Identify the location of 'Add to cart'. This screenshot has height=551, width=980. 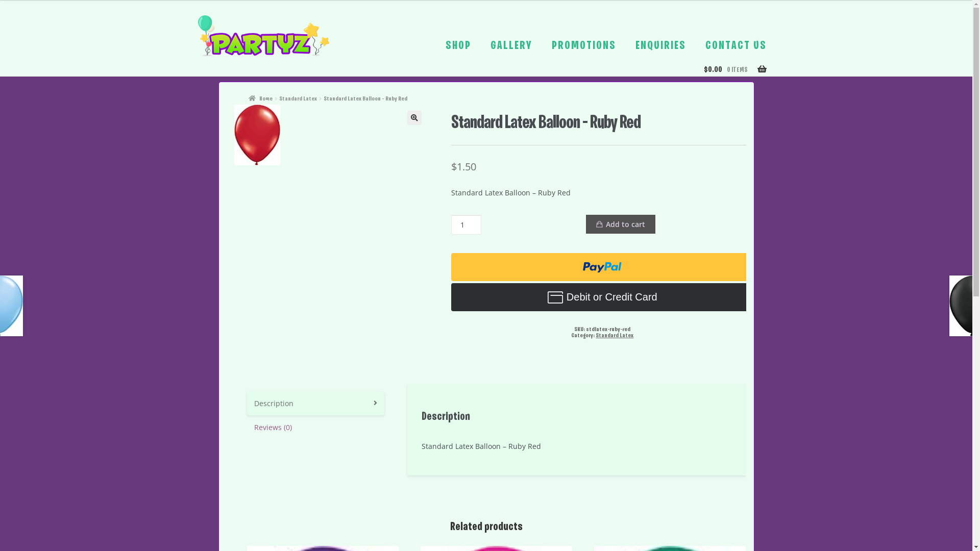
(620, 223).